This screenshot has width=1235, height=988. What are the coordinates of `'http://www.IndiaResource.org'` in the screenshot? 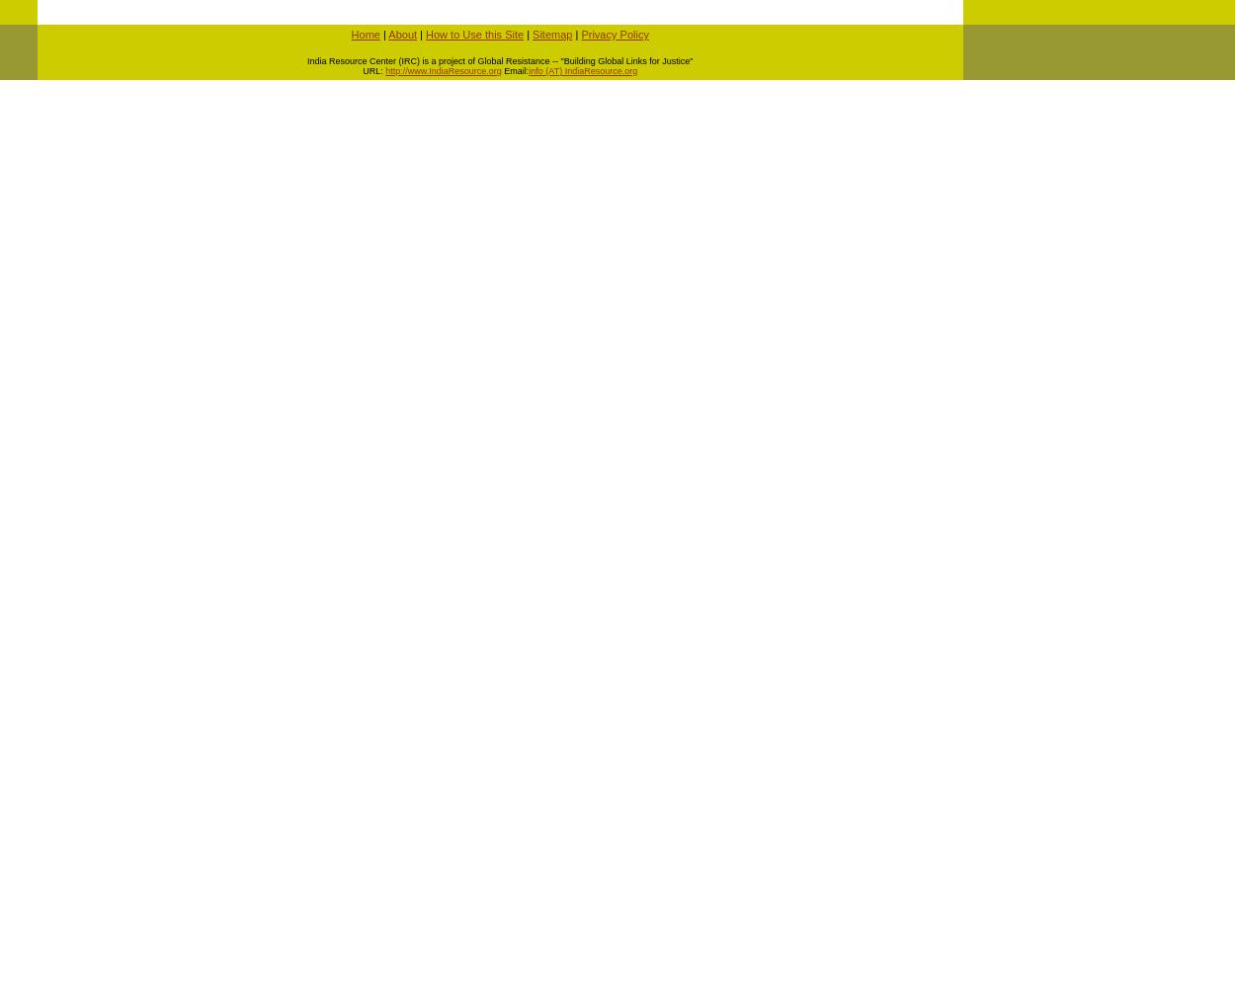 It's located at (442, 70).